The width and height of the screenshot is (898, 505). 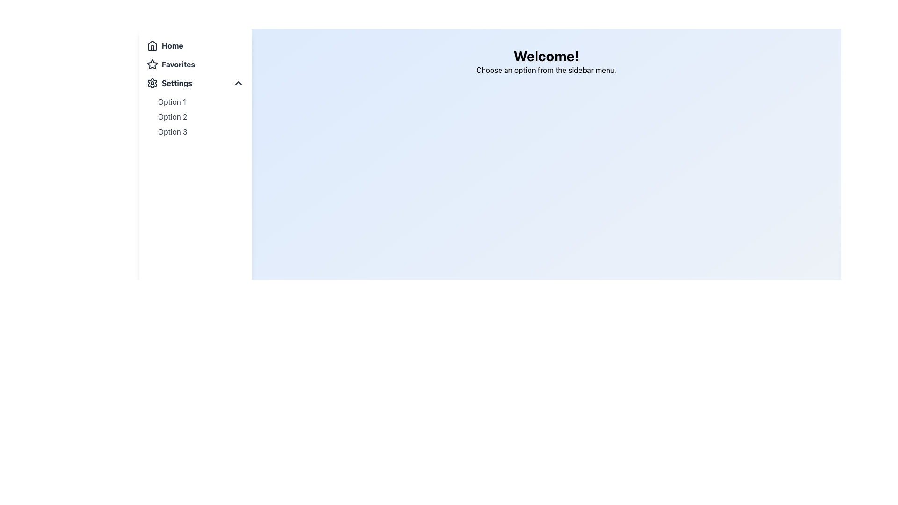 What do you see at coordinates (152, 82) in the screenshot?
I see `the 'Settings' icon in the sidebar menu` at bounding box center [152, 82].